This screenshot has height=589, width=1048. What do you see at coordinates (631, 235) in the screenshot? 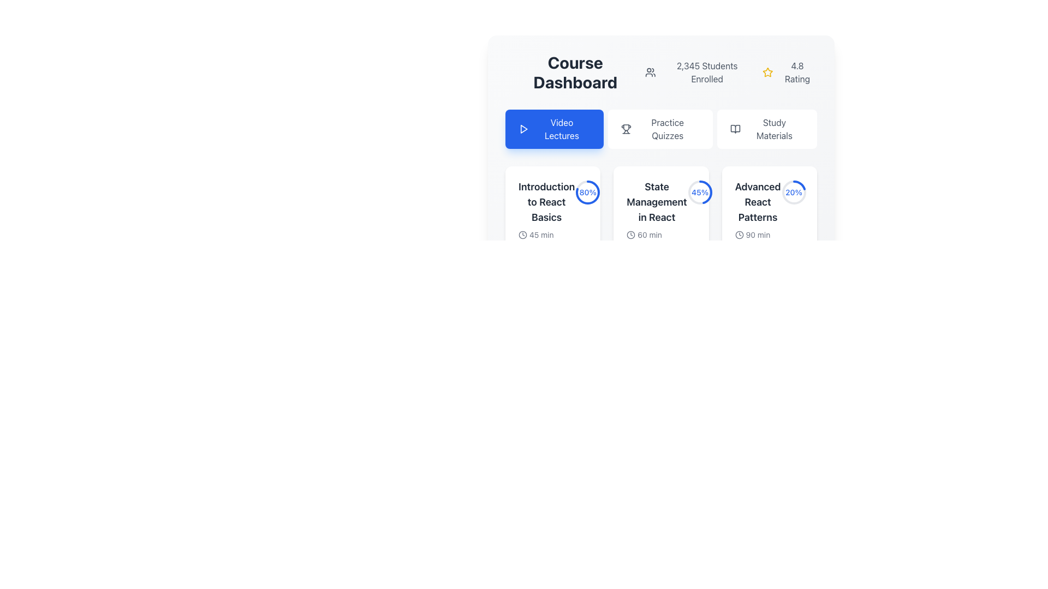
I see `the small circular clock icon located to the left of the '60 min' text in the second card under the 'State Management in React' section` at bounding box center [631, 235].